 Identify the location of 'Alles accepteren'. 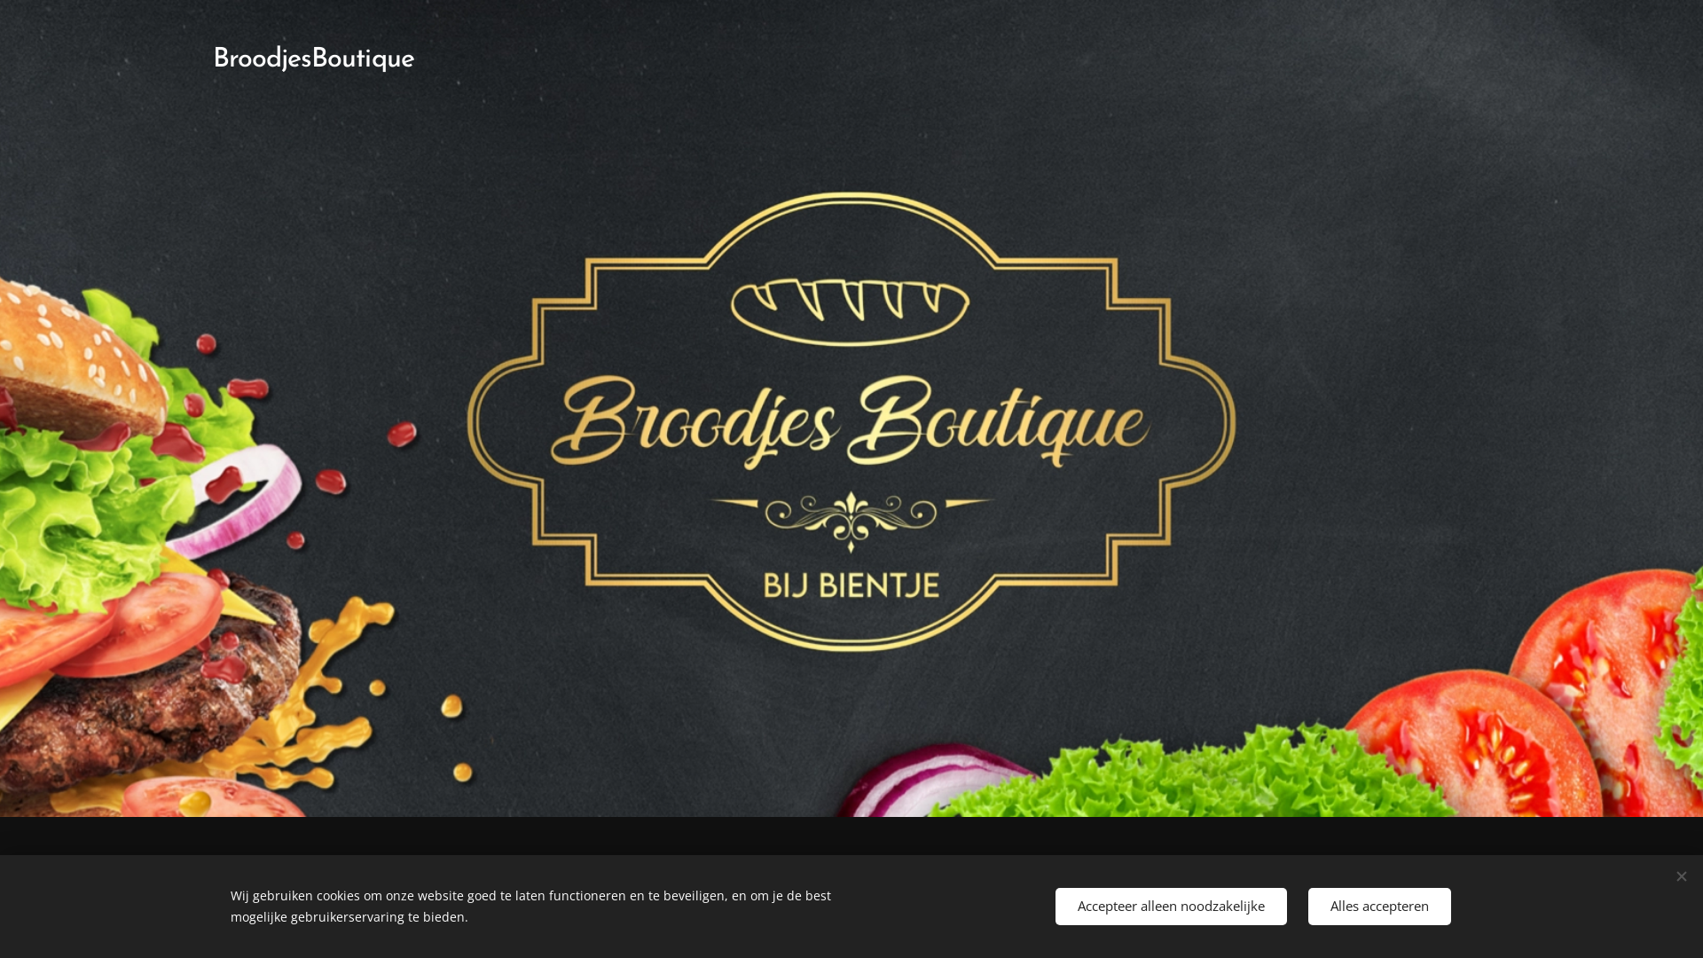
(1378, 906).